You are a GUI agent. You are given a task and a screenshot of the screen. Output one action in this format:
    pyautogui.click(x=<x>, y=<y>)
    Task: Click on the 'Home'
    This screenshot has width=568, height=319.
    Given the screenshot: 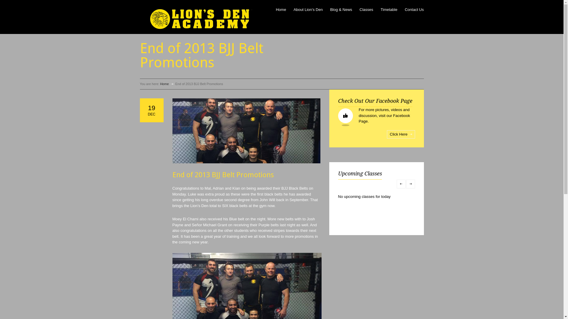 What is the action you would take?
    pyautogui.click(x=164, y=84)
    